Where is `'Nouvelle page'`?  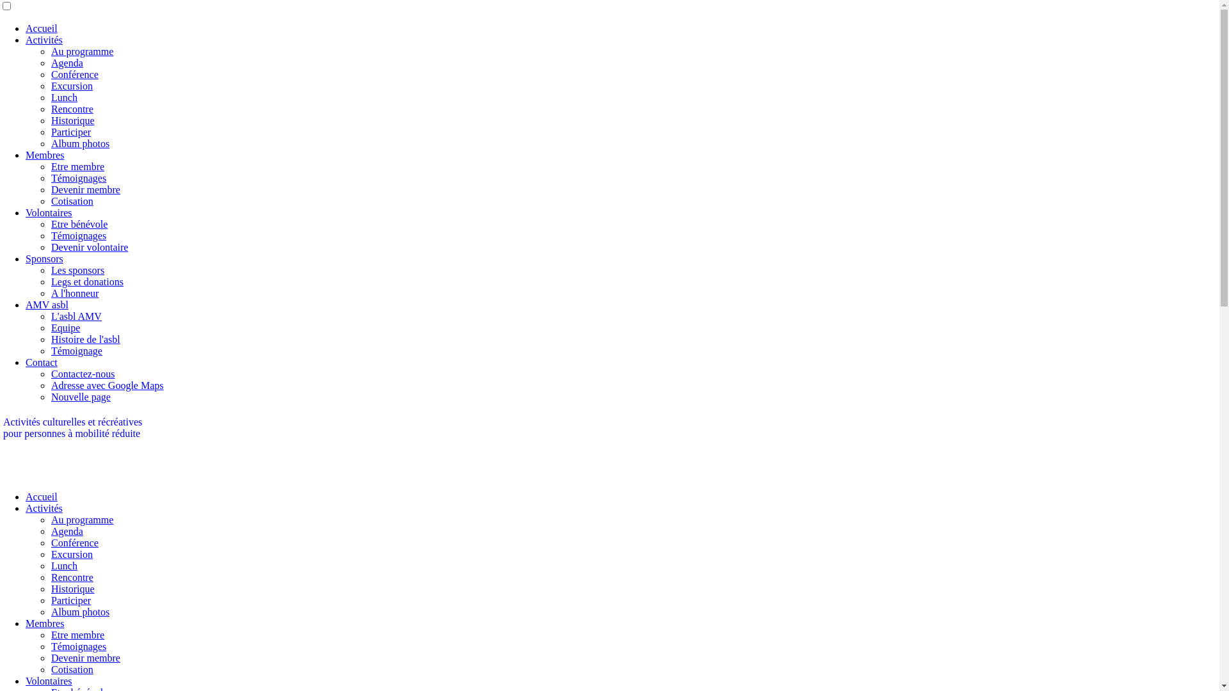 'Nouvelle page' is located at coordinates (80, 396).